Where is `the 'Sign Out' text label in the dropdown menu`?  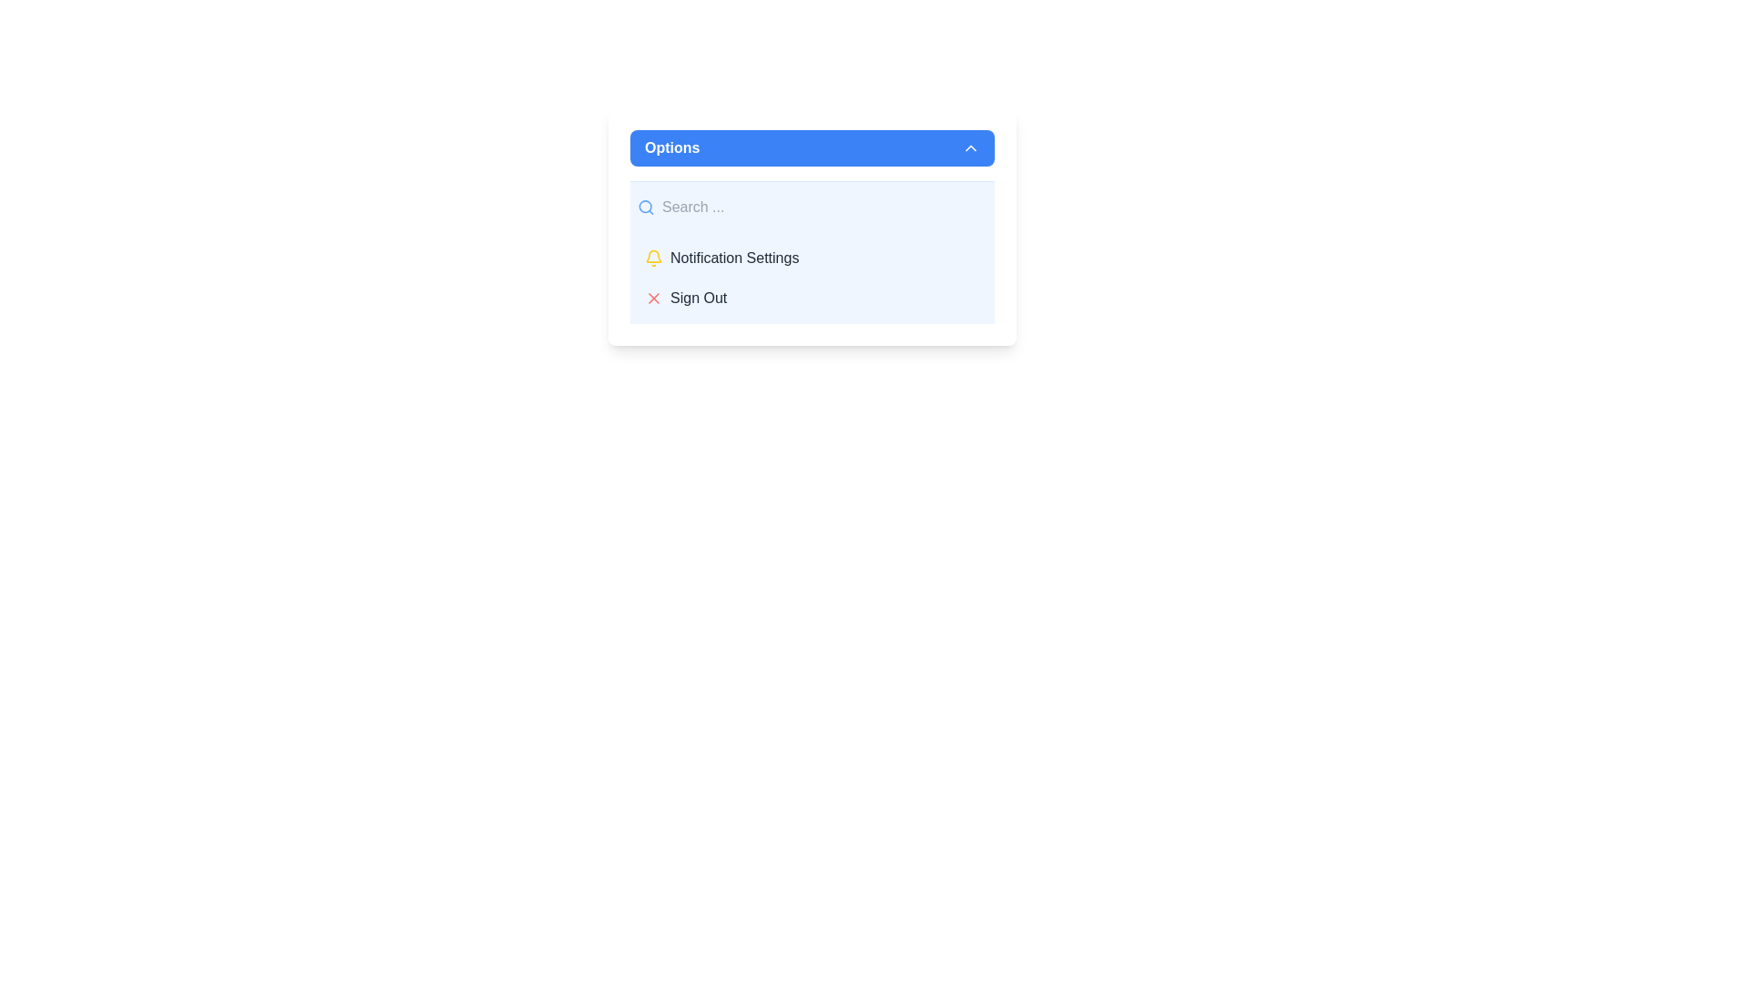 the 'Sign Out' text label in the dropdown menu is located at coordinates (698, 297).